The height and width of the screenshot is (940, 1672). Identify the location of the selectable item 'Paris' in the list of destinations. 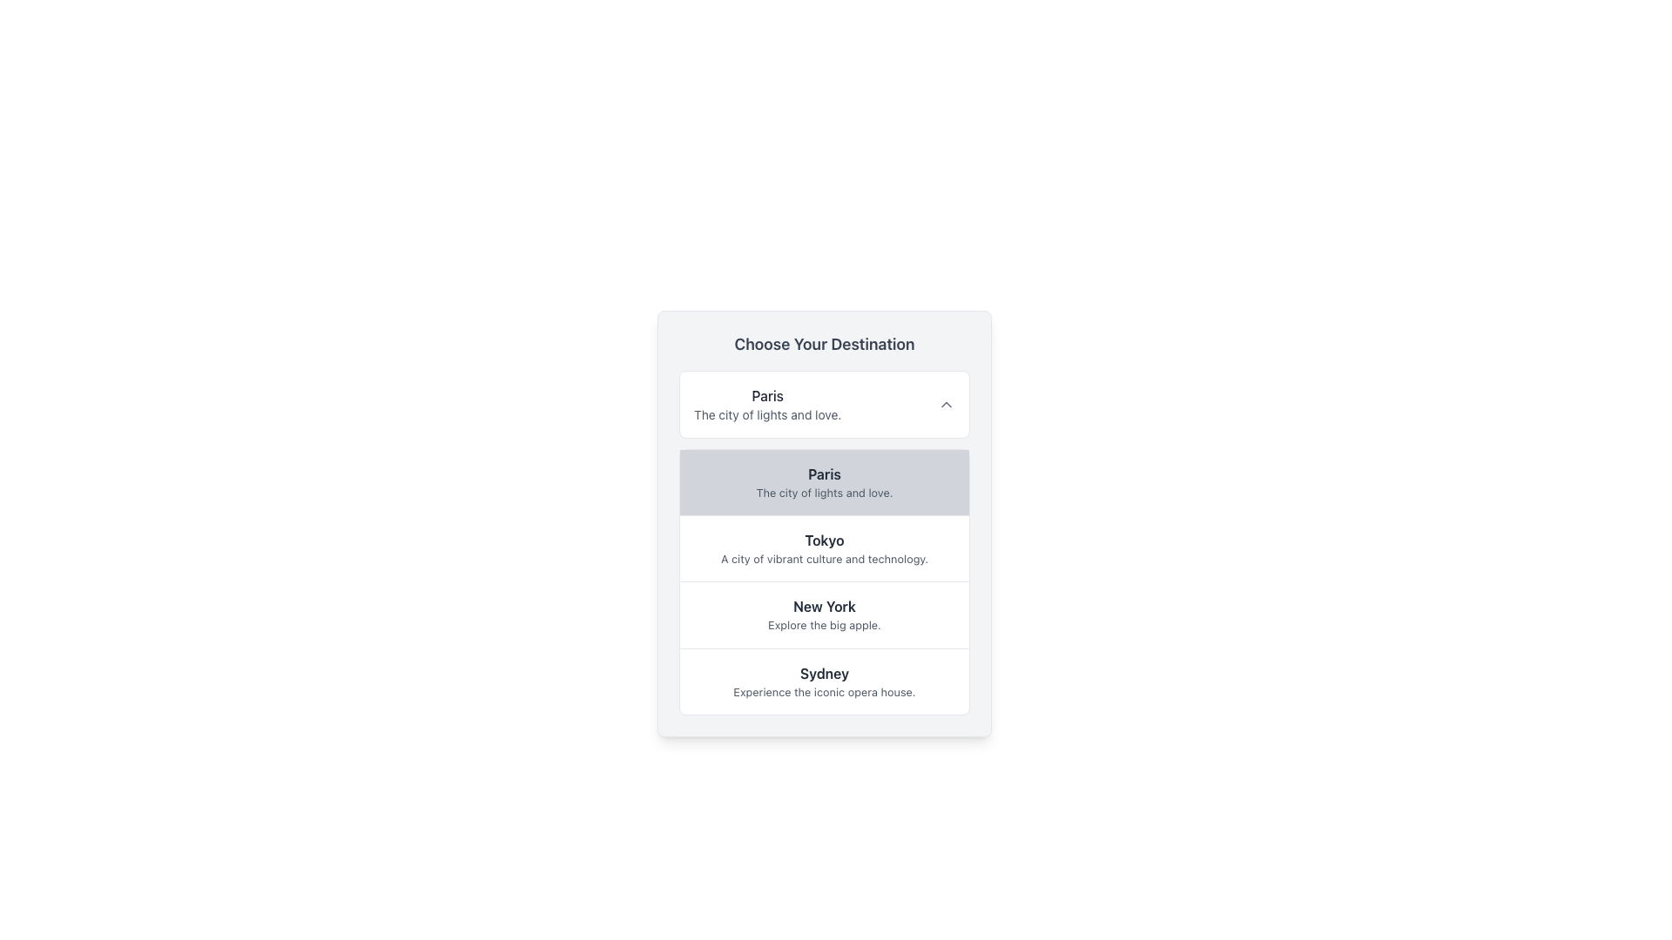
(823, 482).